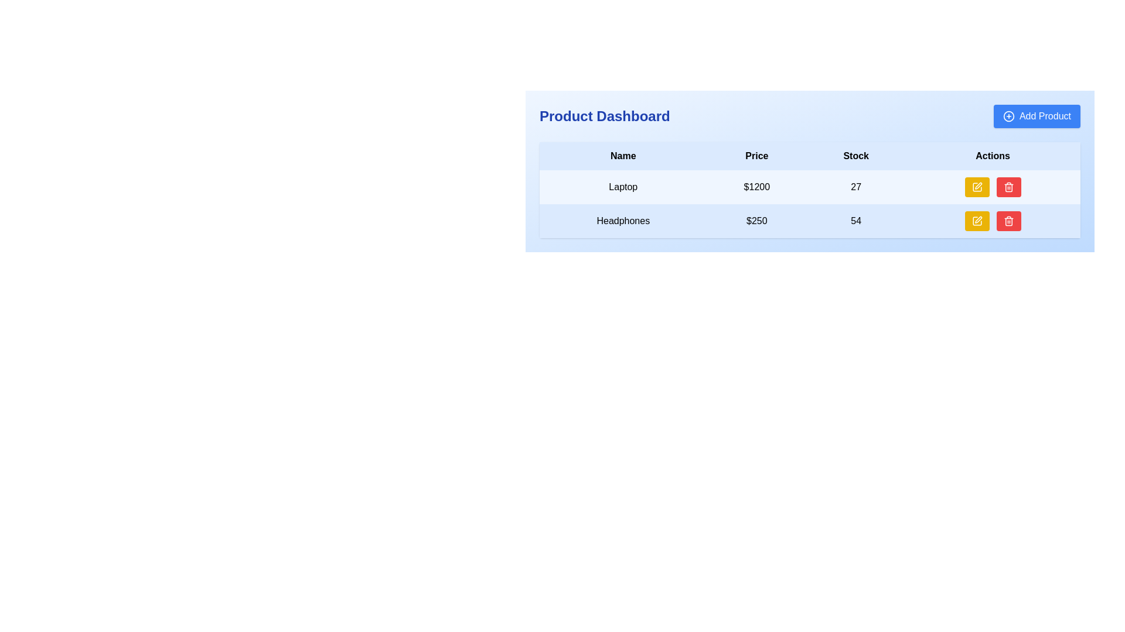 The width and height of the screenshot is (1125, 632). I want to click on the text label displaying 'Laptop' located in the first row of the data table under the 'Name' header, so click(622, 187).